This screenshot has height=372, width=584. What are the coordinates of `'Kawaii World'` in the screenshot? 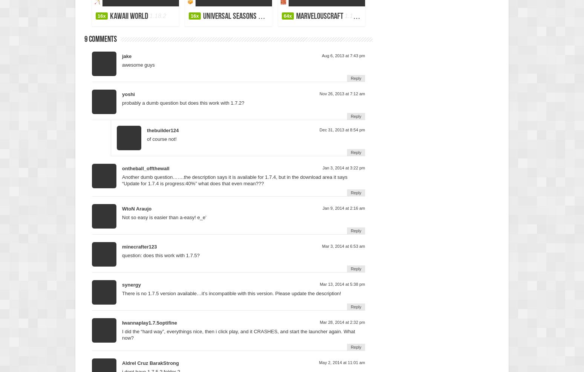 It's located at (128, 16).